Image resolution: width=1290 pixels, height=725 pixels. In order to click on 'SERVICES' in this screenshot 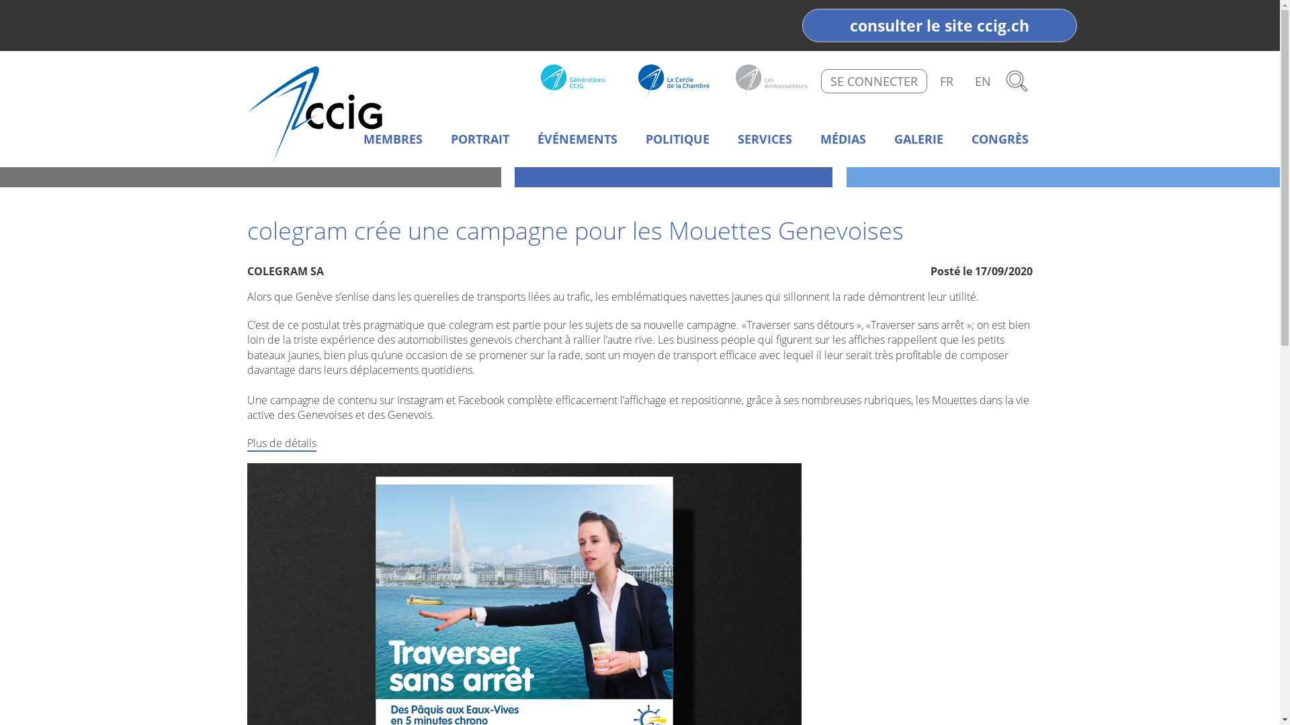, I will do `click(765, 140)`.